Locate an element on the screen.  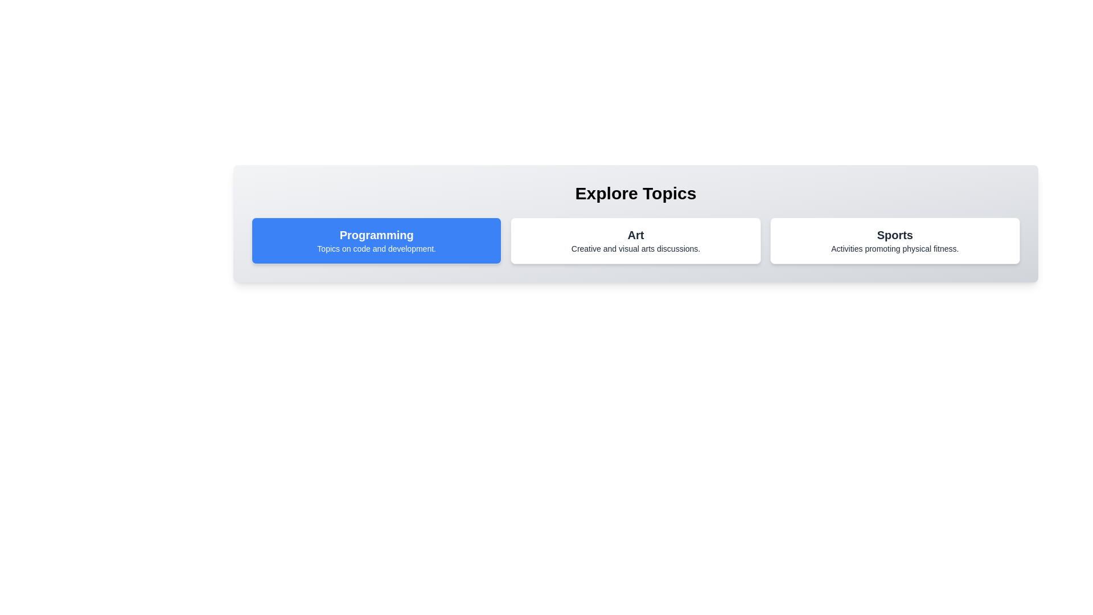
the 'Programming' topic to observe its description text is located at coordinates (376, 240).